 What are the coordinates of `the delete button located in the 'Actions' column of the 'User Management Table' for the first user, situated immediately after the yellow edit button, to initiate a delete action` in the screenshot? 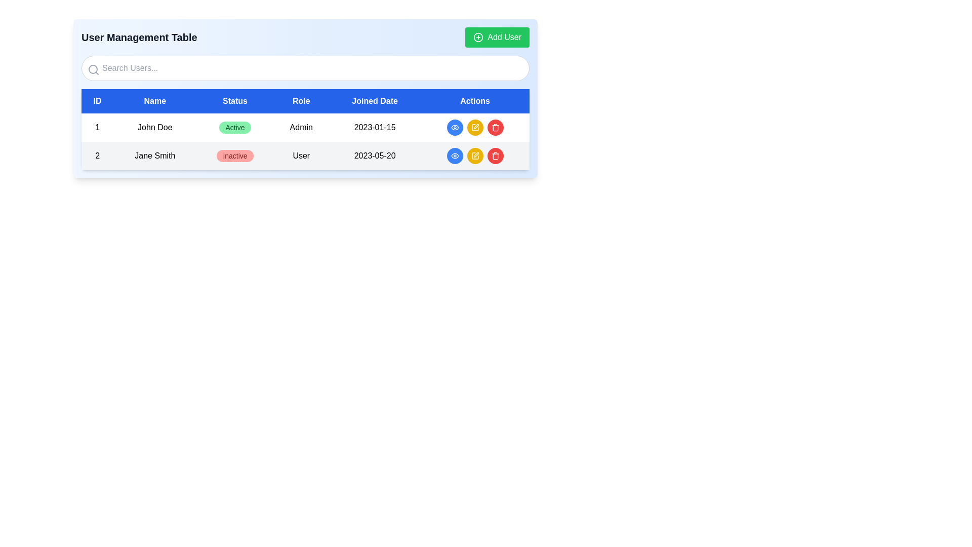 It's located at (495, 127).